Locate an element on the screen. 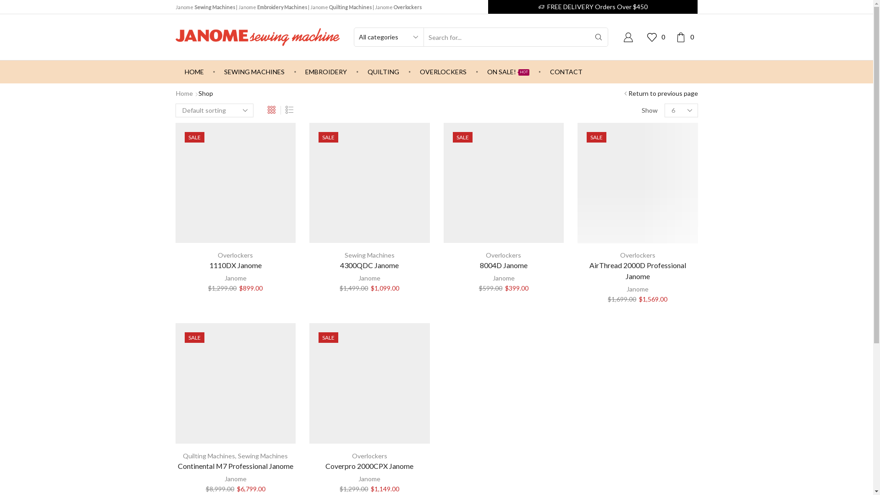  'Janome Overlockers' is located at coordinates (398, 7).